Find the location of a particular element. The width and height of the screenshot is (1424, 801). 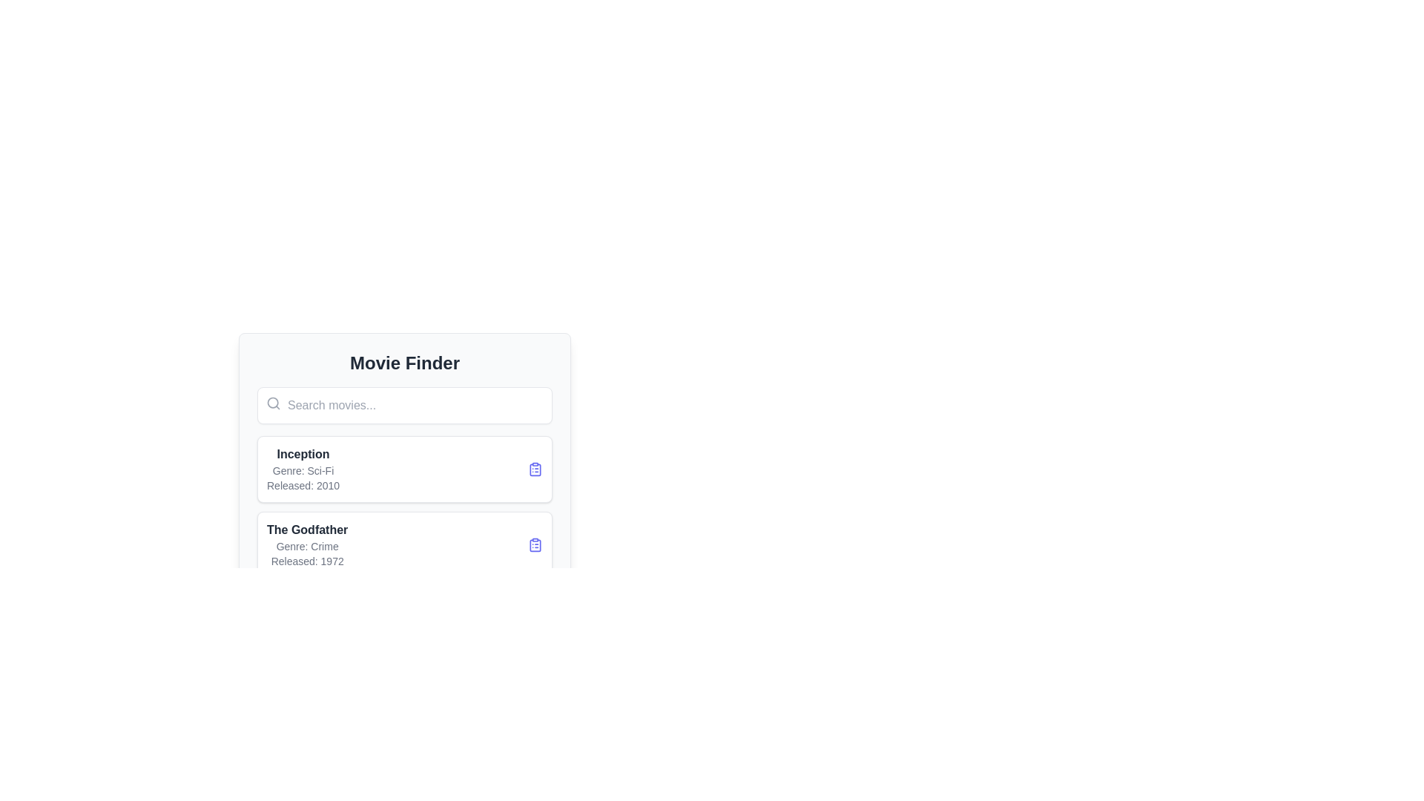

the Text Label that serves as a title for the movie finding function, positioned above the search bar and list of movies is located at coordinates (405, 363).